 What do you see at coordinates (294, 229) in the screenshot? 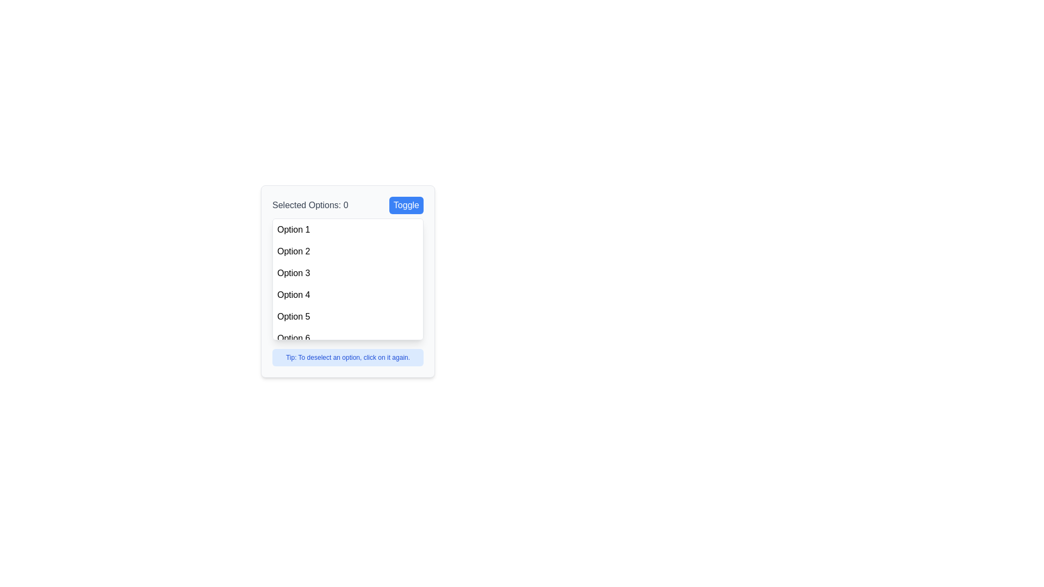
I see `the text label 'Option 1'` at bounding box center [294, 229].